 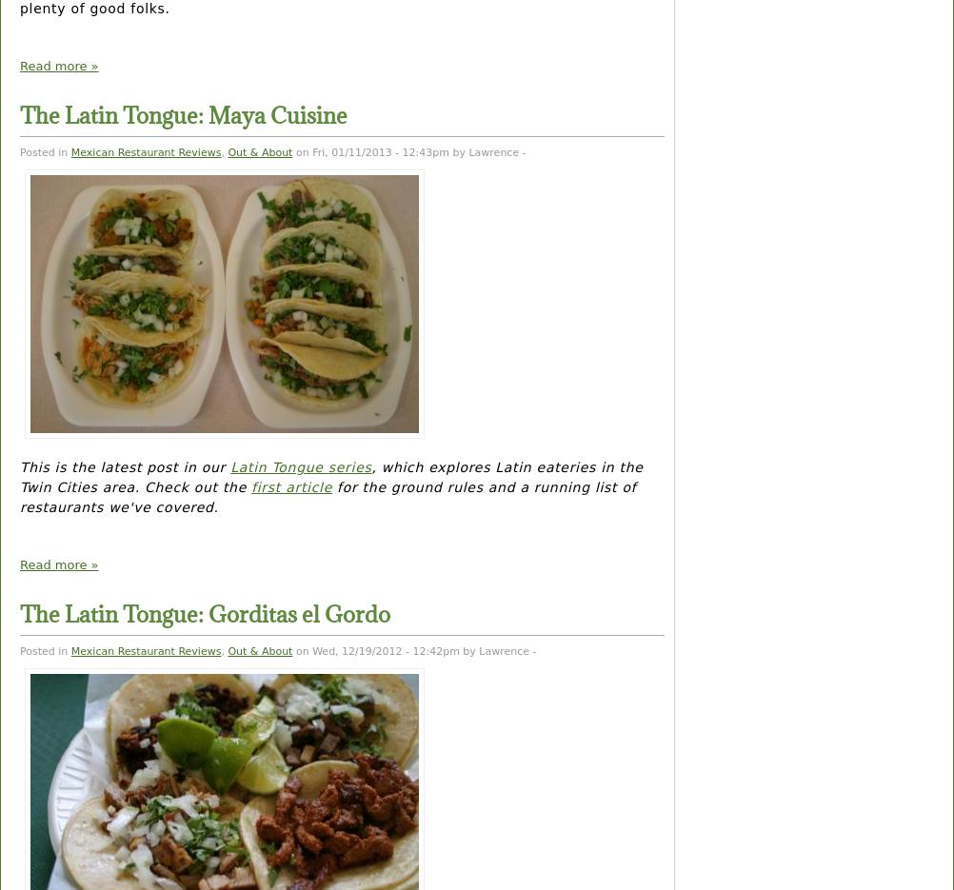 I want to click on 'on Fri, 01/11/2013 - 12:43pm by Lawrence -', so click(x=407, y=151).